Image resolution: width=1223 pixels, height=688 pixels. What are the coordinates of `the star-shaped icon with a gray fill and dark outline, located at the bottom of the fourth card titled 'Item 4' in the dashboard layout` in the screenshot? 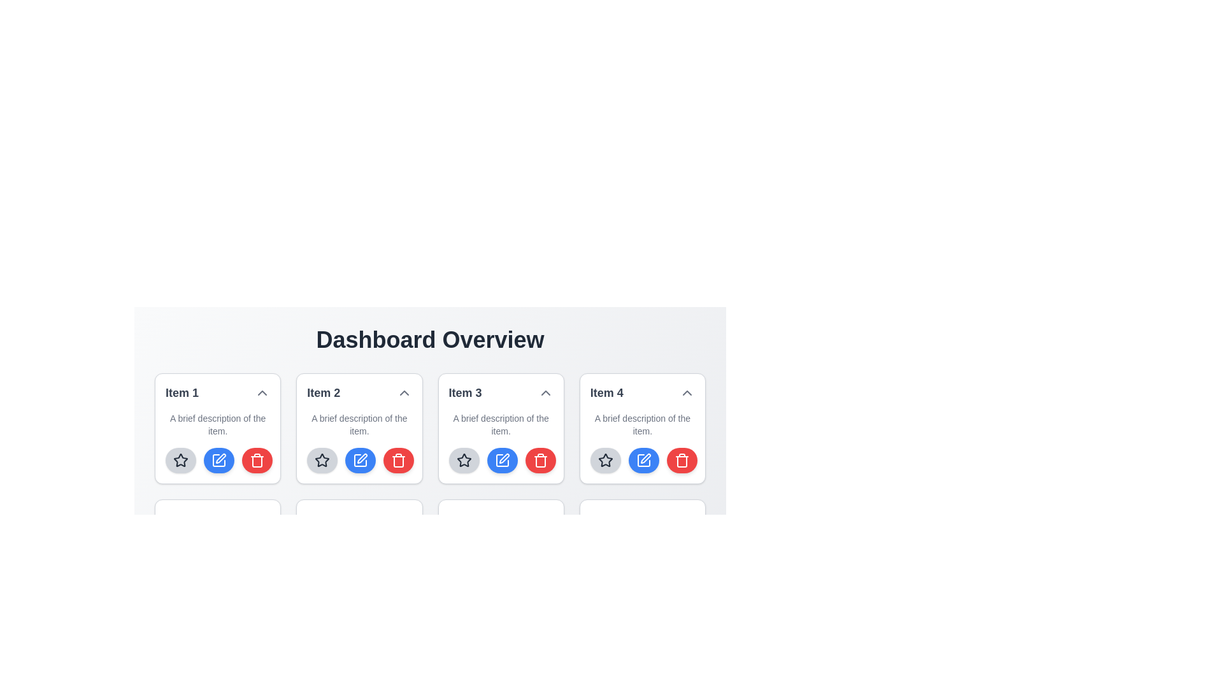 It's located at (604, 460).